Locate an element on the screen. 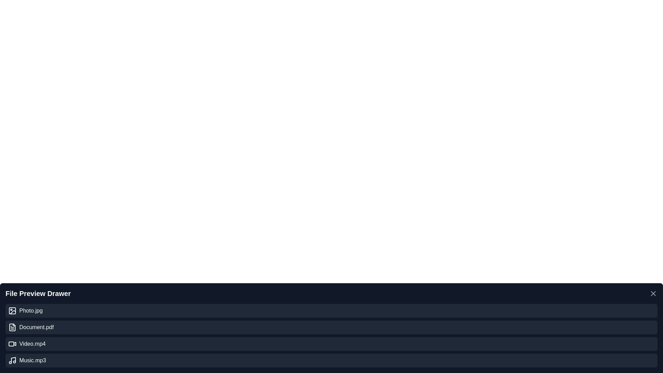 The width and height of the screenshot is (663, 373). image file icon visually, which is located next to the filename 'Photo.jpg' in the first row of the file preview drawer is located at coordinates (12, 310).